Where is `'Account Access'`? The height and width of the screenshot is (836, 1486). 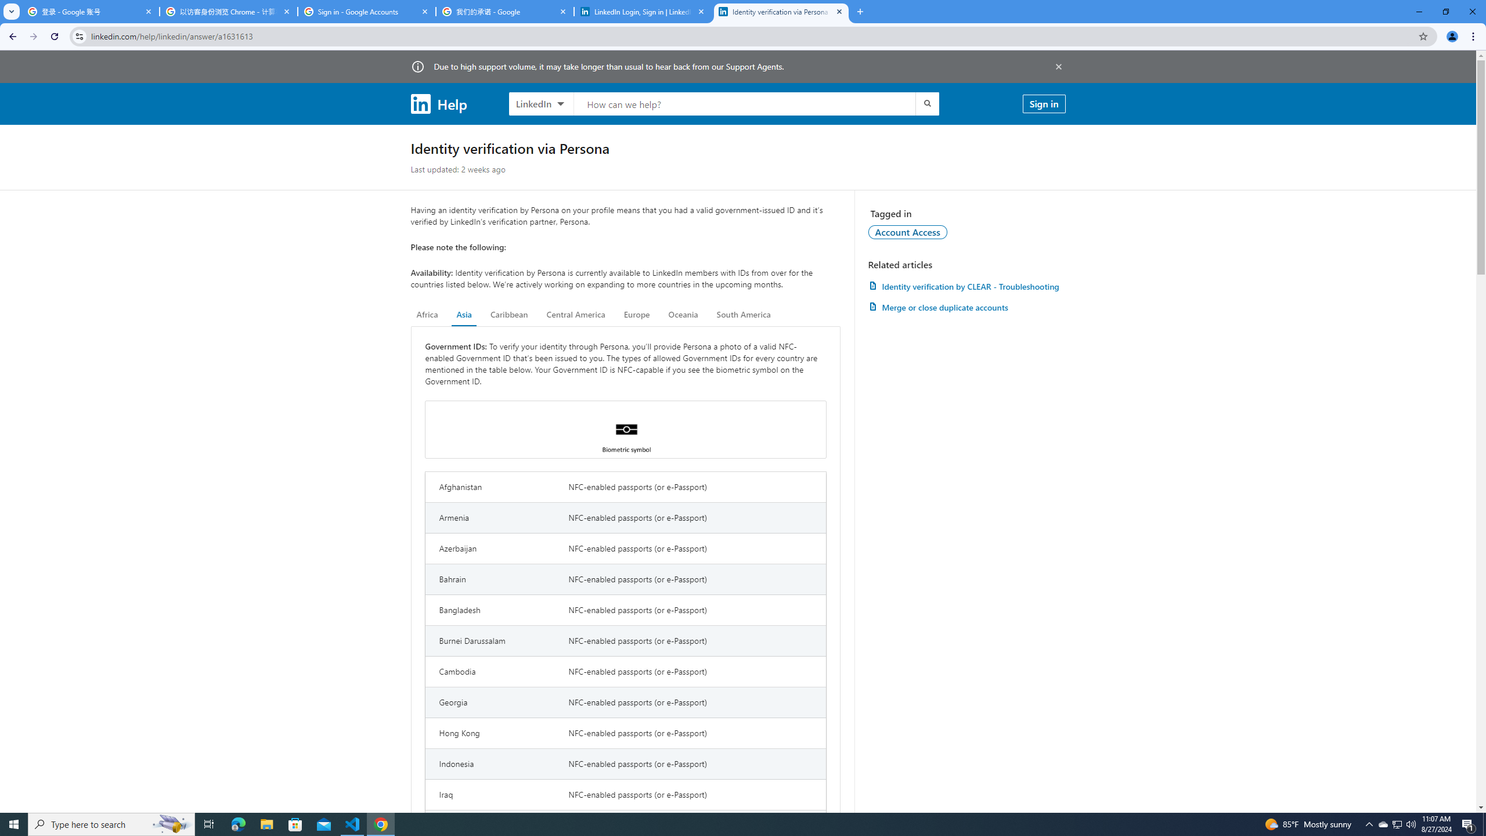
'Account Access' is located at coordinates (908, 231).